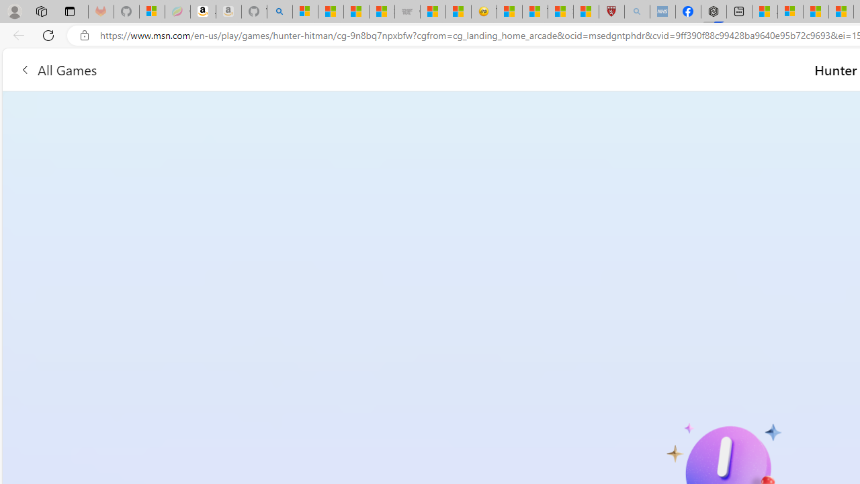 Image resolution: width=860 pixels, height=484 pixels. I want to click on 'Microsoft-Report a Concern to Bing', so click(151, 11).